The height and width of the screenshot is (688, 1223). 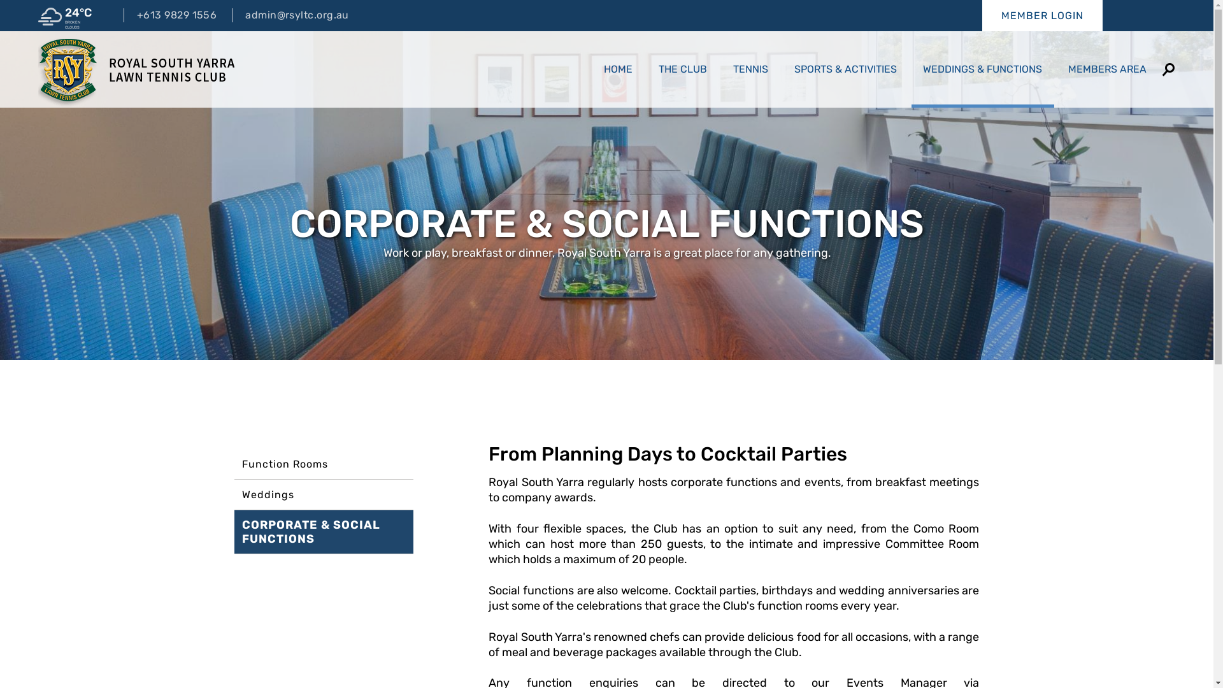 I want to click on 'TENNIS', so click(x=750, y=69).